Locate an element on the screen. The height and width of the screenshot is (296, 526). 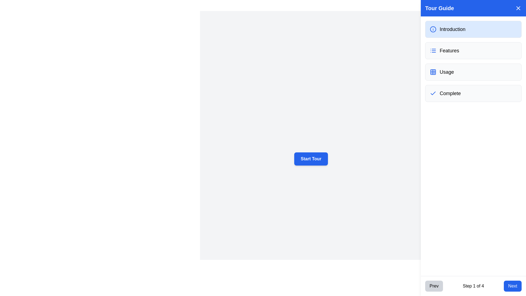
the blue grid-like icon composed of nine square cells arranged in a 3x3 pattern, located to the left of the text 'Usage' in the sidebar menu is located at coordinates (433, 72).